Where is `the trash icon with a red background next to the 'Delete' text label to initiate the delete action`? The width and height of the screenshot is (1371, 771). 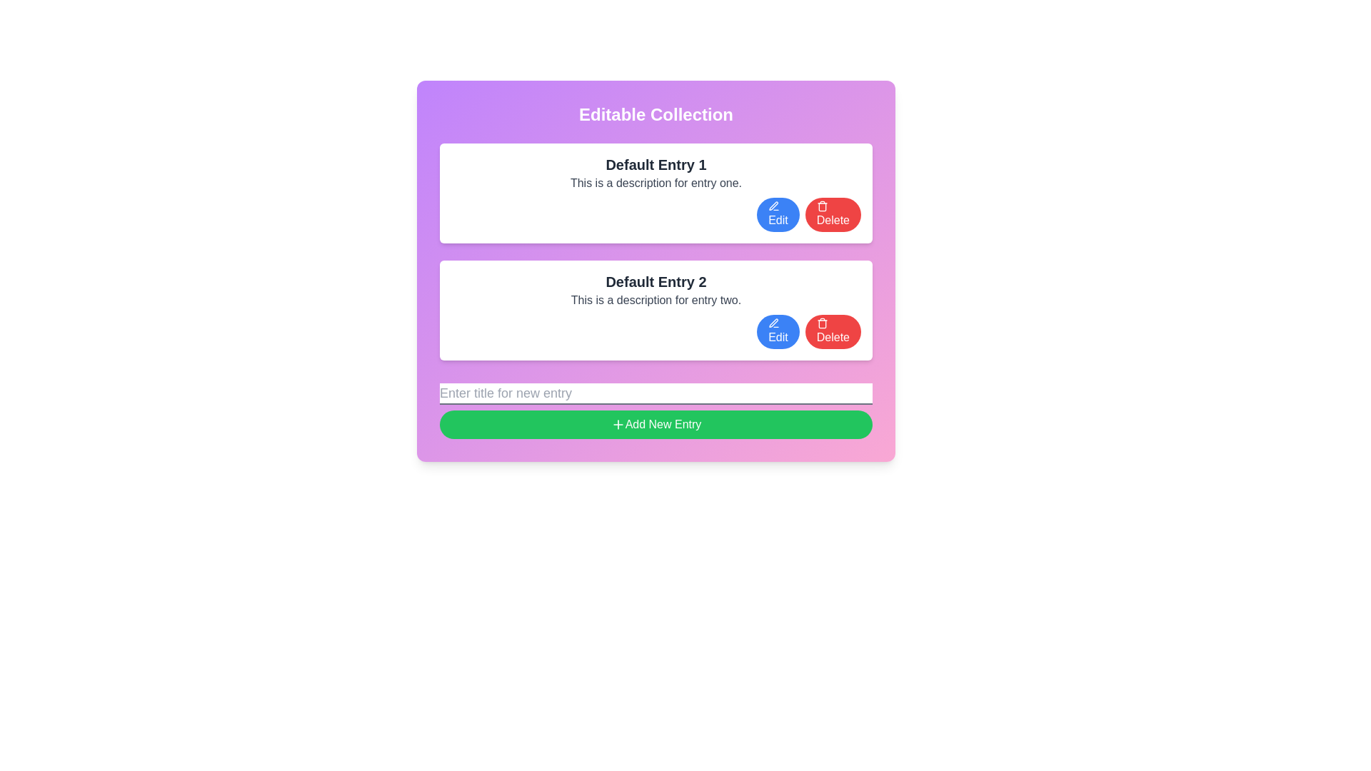 the trash icon with a red background next to the 'Delete' text label to initiate the delete action is located at coordinates (822, 206).